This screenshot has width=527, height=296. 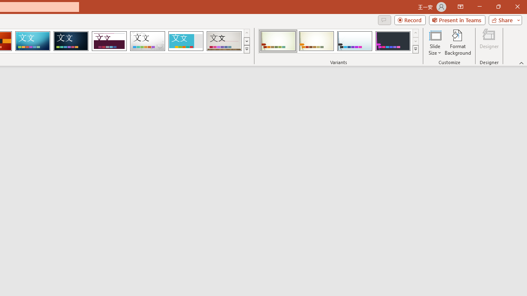 I want to click on 'Themes', so click(x=246, y=49).